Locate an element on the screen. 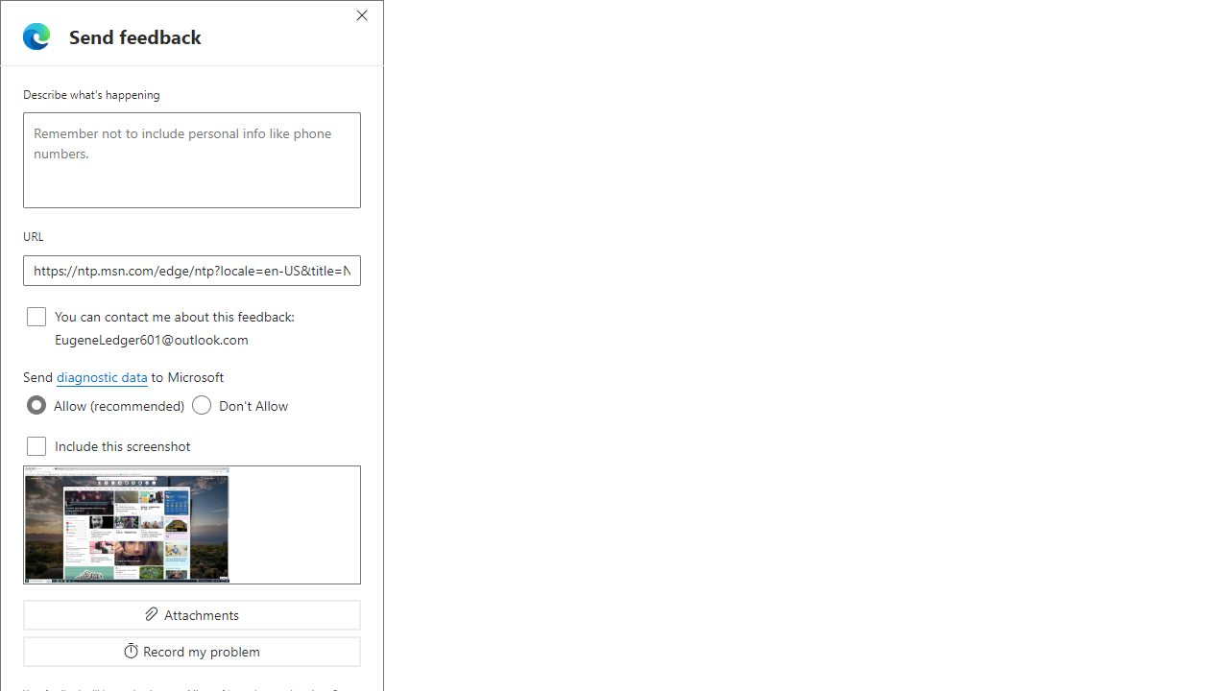  'URL' is located at coordinates (192, 270).